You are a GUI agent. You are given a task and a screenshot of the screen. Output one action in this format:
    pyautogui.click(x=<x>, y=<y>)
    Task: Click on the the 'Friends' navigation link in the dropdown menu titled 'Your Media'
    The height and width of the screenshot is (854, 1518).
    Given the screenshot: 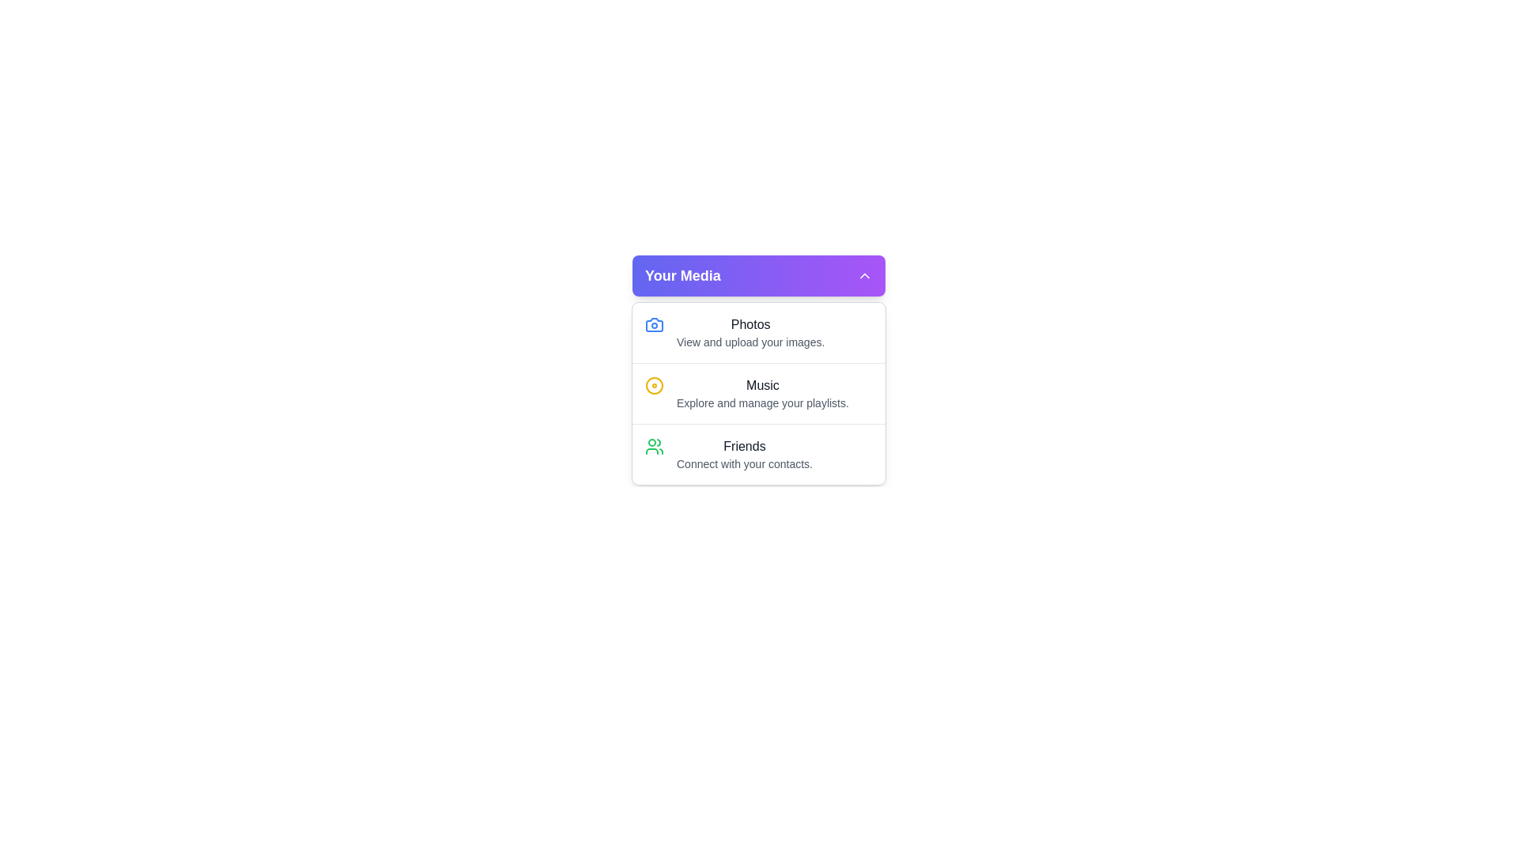 What is the action you would take?
    pyautogui.click(x=759, y=454)
    